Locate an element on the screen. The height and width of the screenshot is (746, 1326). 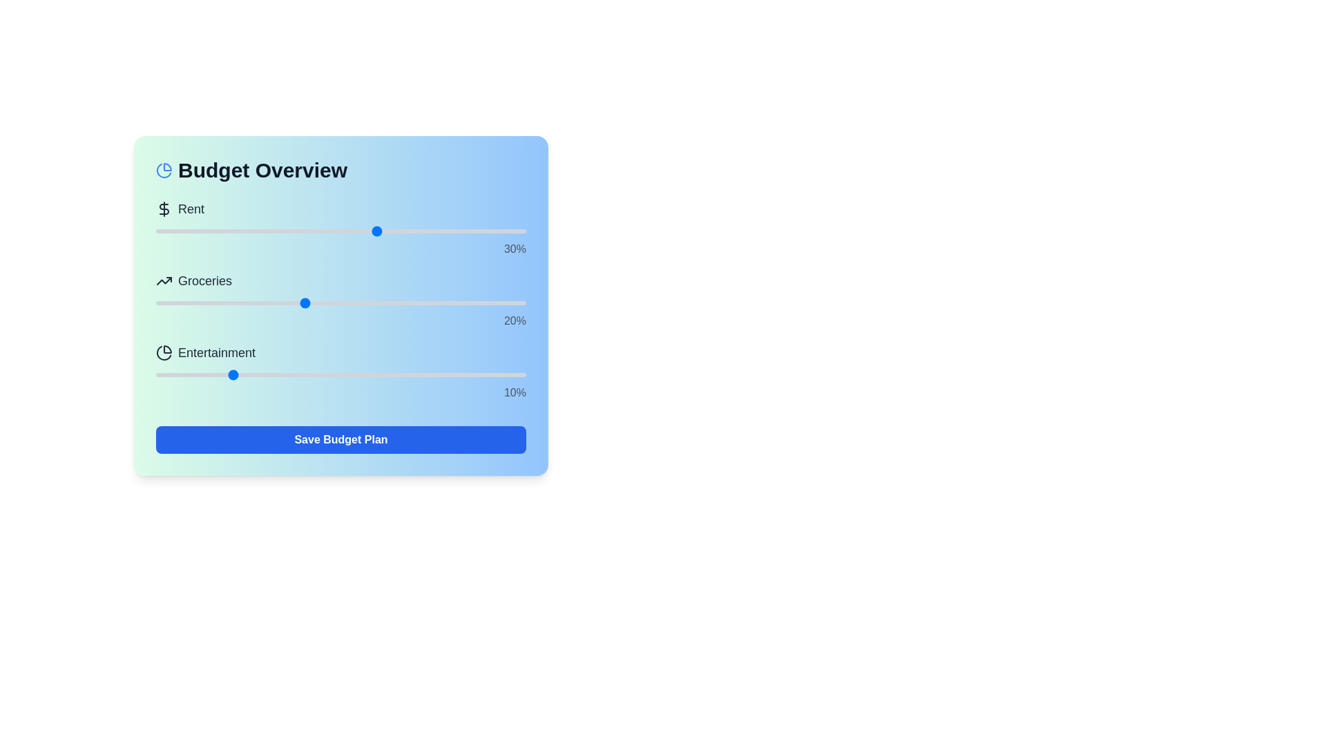
the slider is located at coordinates (244, 375).